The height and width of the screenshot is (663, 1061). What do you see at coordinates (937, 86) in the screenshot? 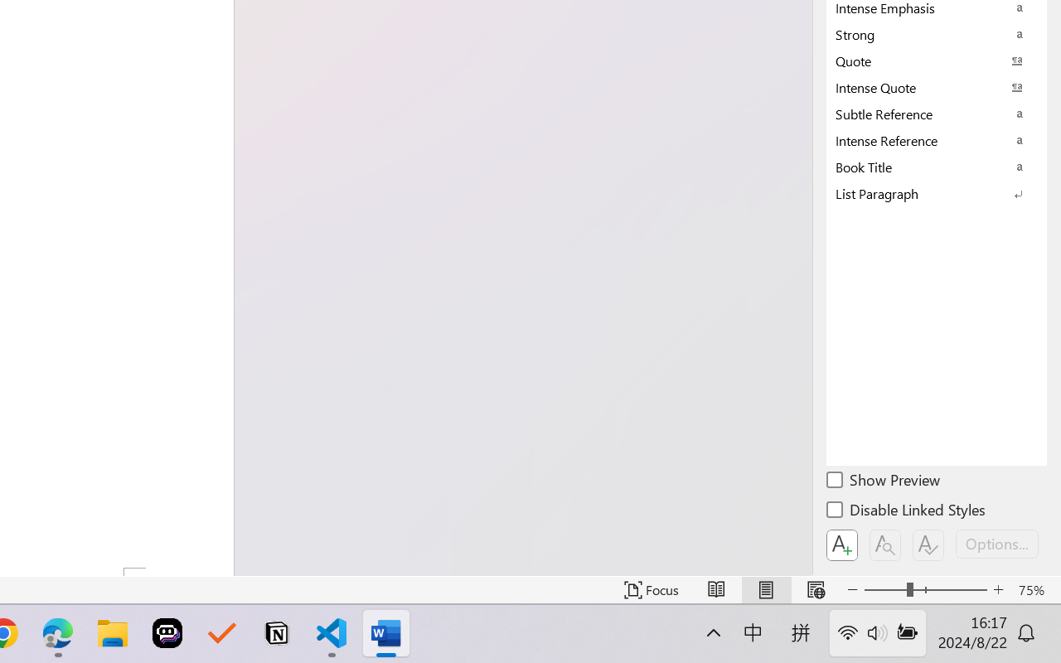
I see `'Intense Quote'` at bounding box center [937, 86].